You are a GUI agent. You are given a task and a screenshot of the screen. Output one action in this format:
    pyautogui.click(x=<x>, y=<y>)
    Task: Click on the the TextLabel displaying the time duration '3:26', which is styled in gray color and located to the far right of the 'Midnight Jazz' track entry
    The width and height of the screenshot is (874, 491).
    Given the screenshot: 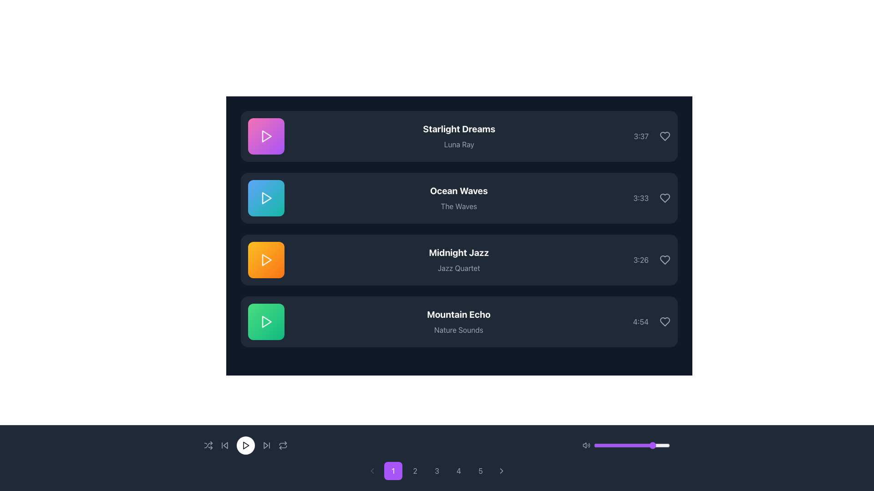 What is the action you would take?
    pyautogui.click(x=651, y=260)
    